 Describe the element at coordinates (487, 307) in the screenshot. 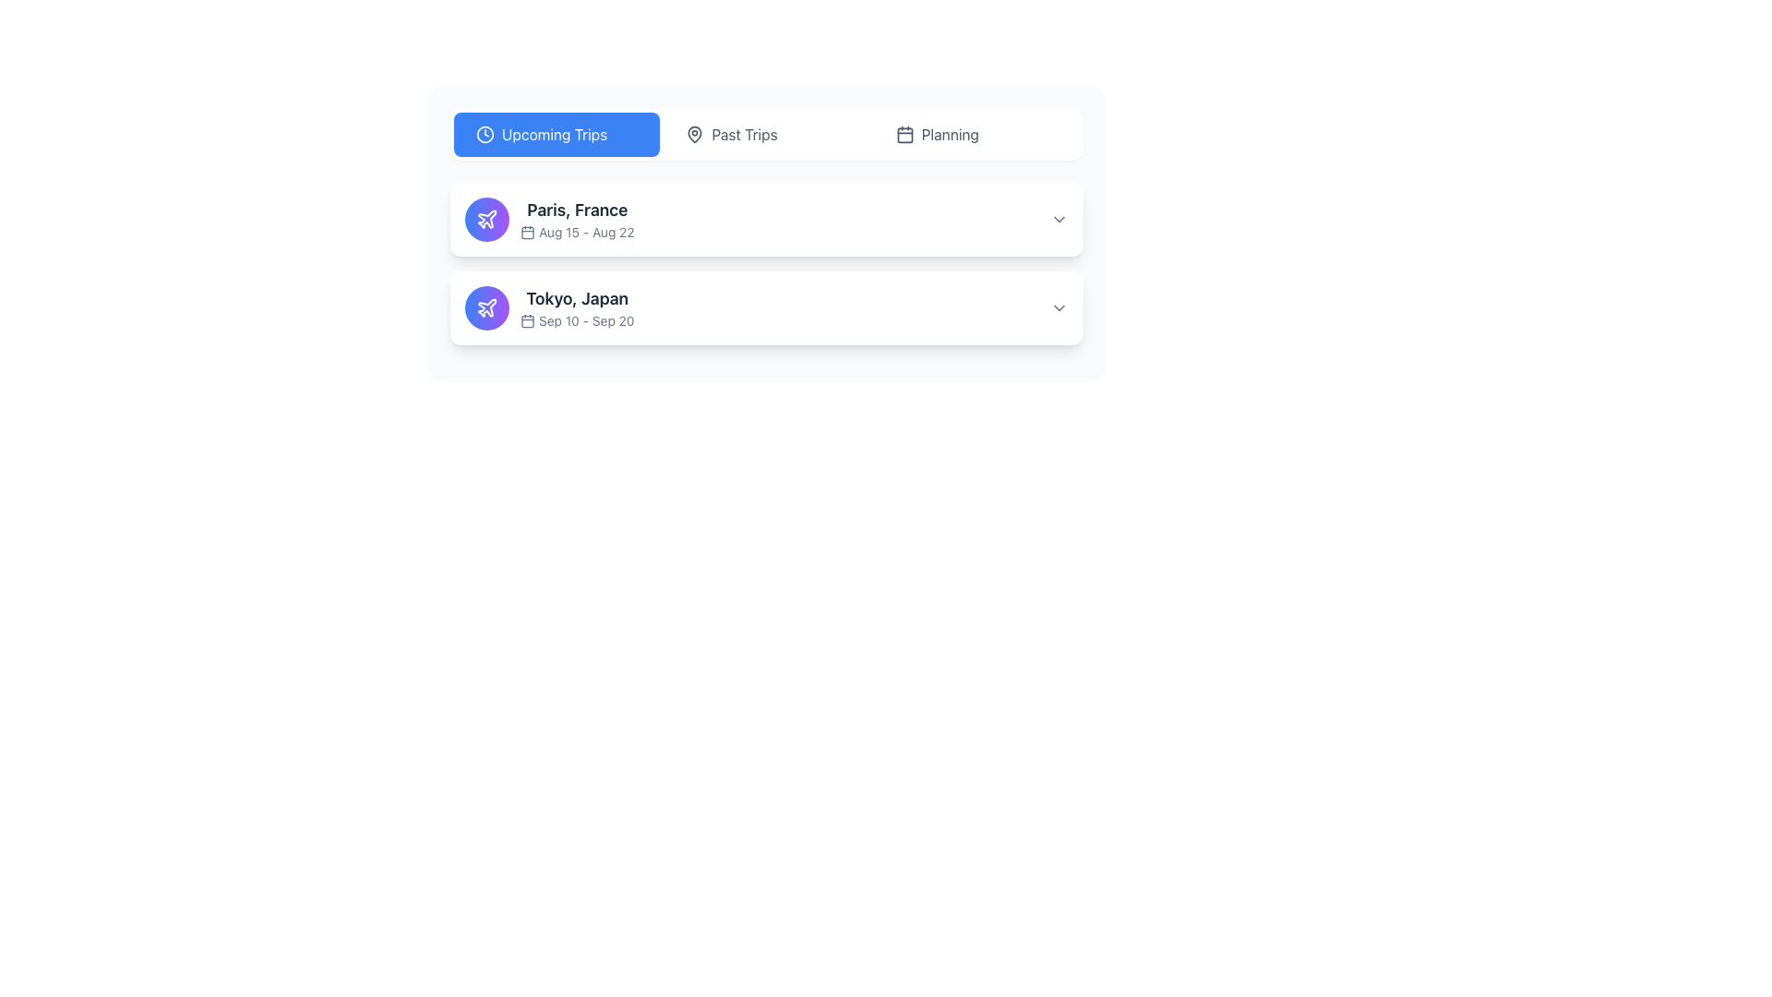

I see `the flight-related icon button located in the second row next to the text 'Tokyo, Japan Sep 10 - Sep 20'` at that location.